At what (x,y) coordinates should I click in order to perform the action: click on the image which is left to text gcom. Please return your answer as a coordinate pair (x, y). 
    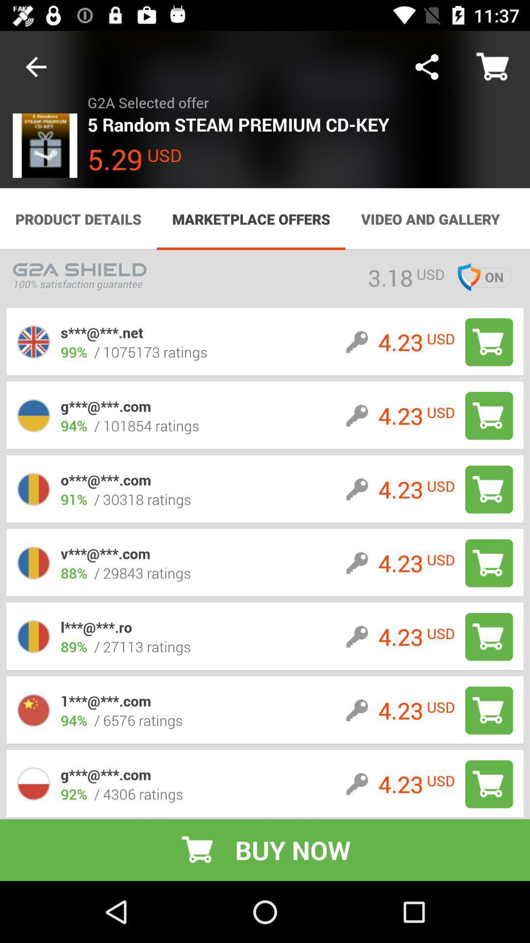
    Looking at the image, I should click on (33, 416).